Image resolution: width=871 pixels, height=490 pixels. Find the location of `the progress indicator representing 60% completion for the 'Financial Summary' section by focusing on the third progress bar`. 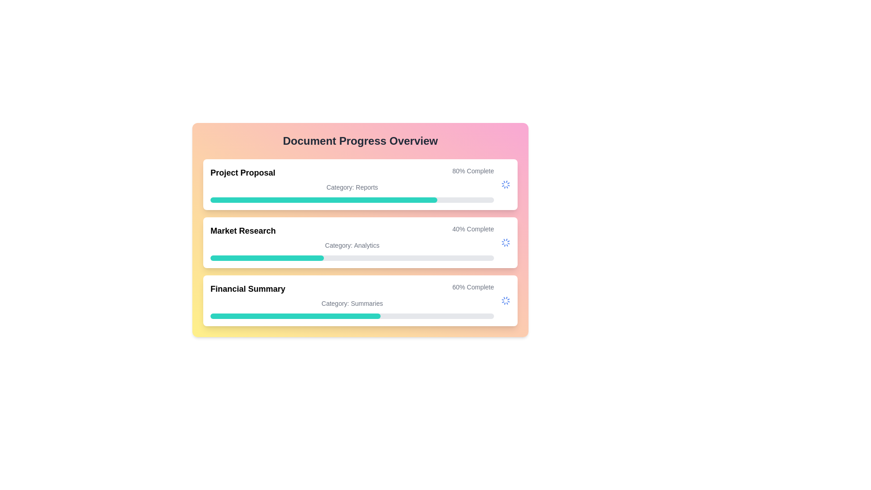

the progress indicator representing 60% completion for the 'Financial Summary' section by focusing on the third progress bar is located at coordinates (295, 316).